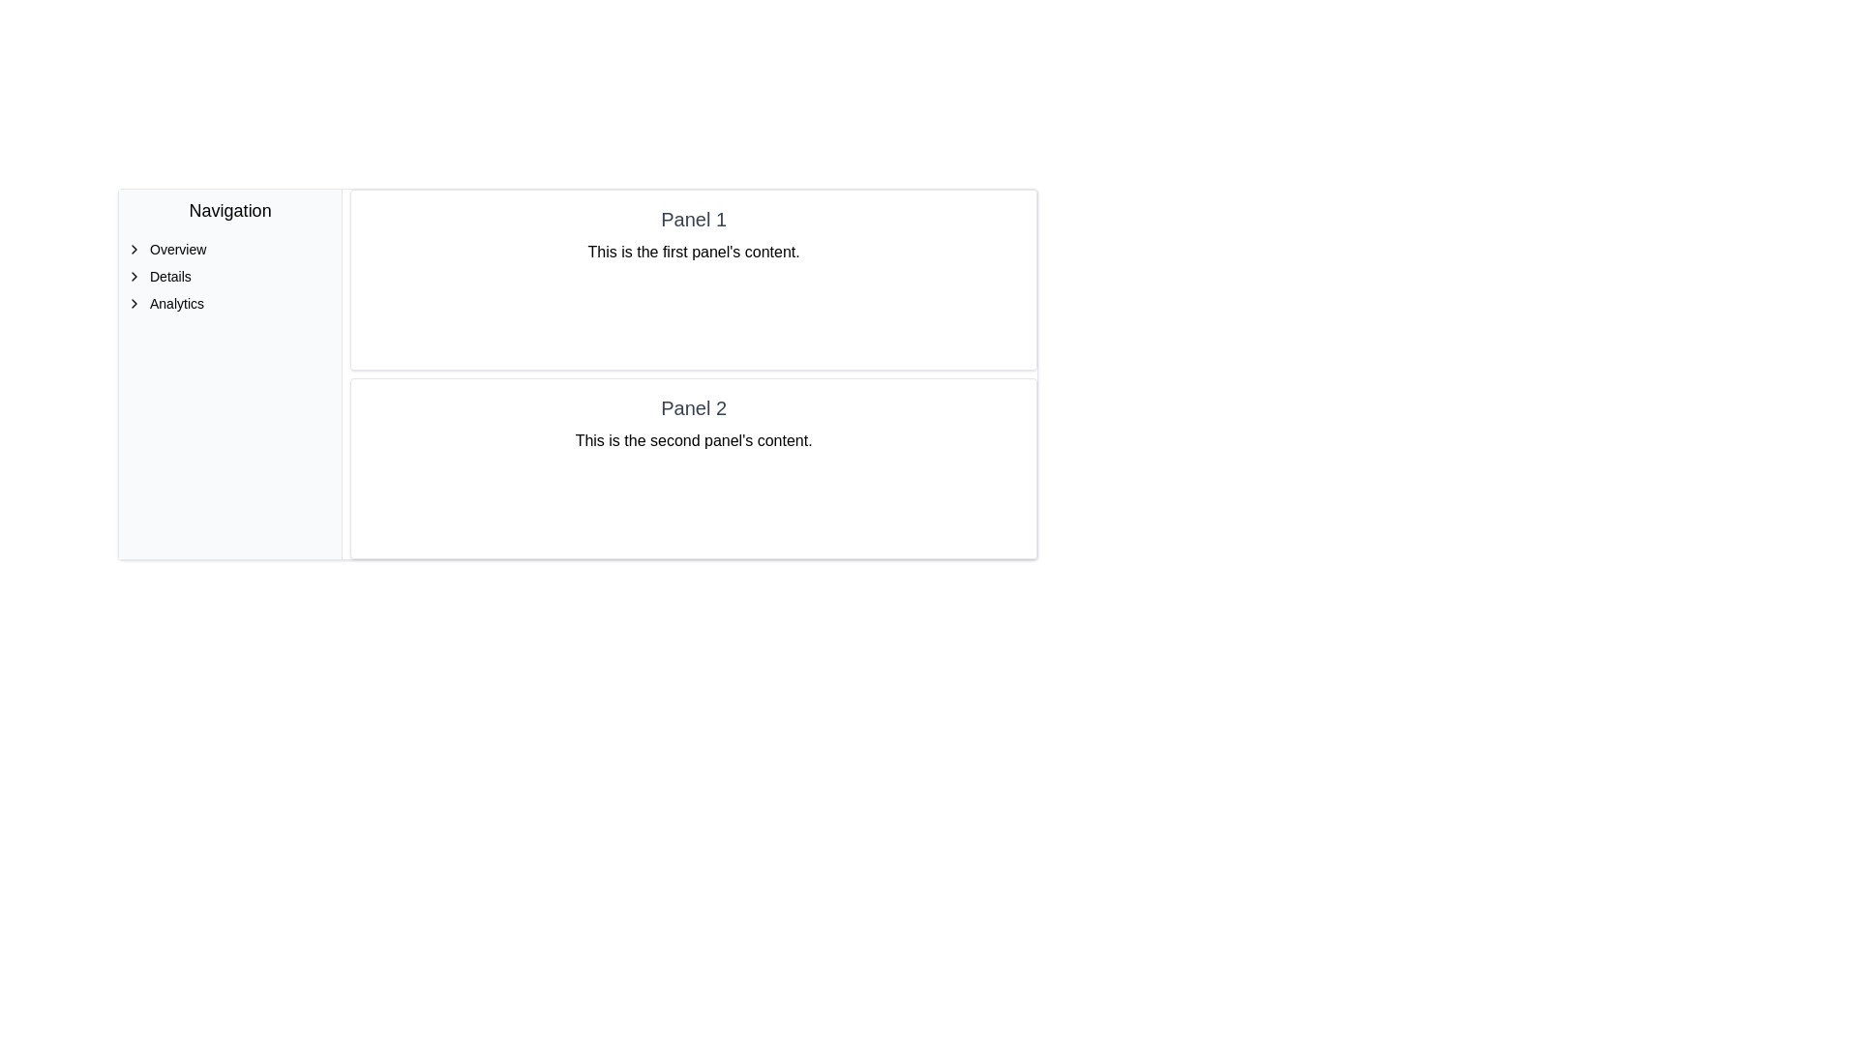  What do you see at coordinates (694, 252) in the screenshot?
I see `text from the element displaying 'This is the first panel's content.' located in the first panel below the header 'Panel 1'` at bounding box center [694, 252].